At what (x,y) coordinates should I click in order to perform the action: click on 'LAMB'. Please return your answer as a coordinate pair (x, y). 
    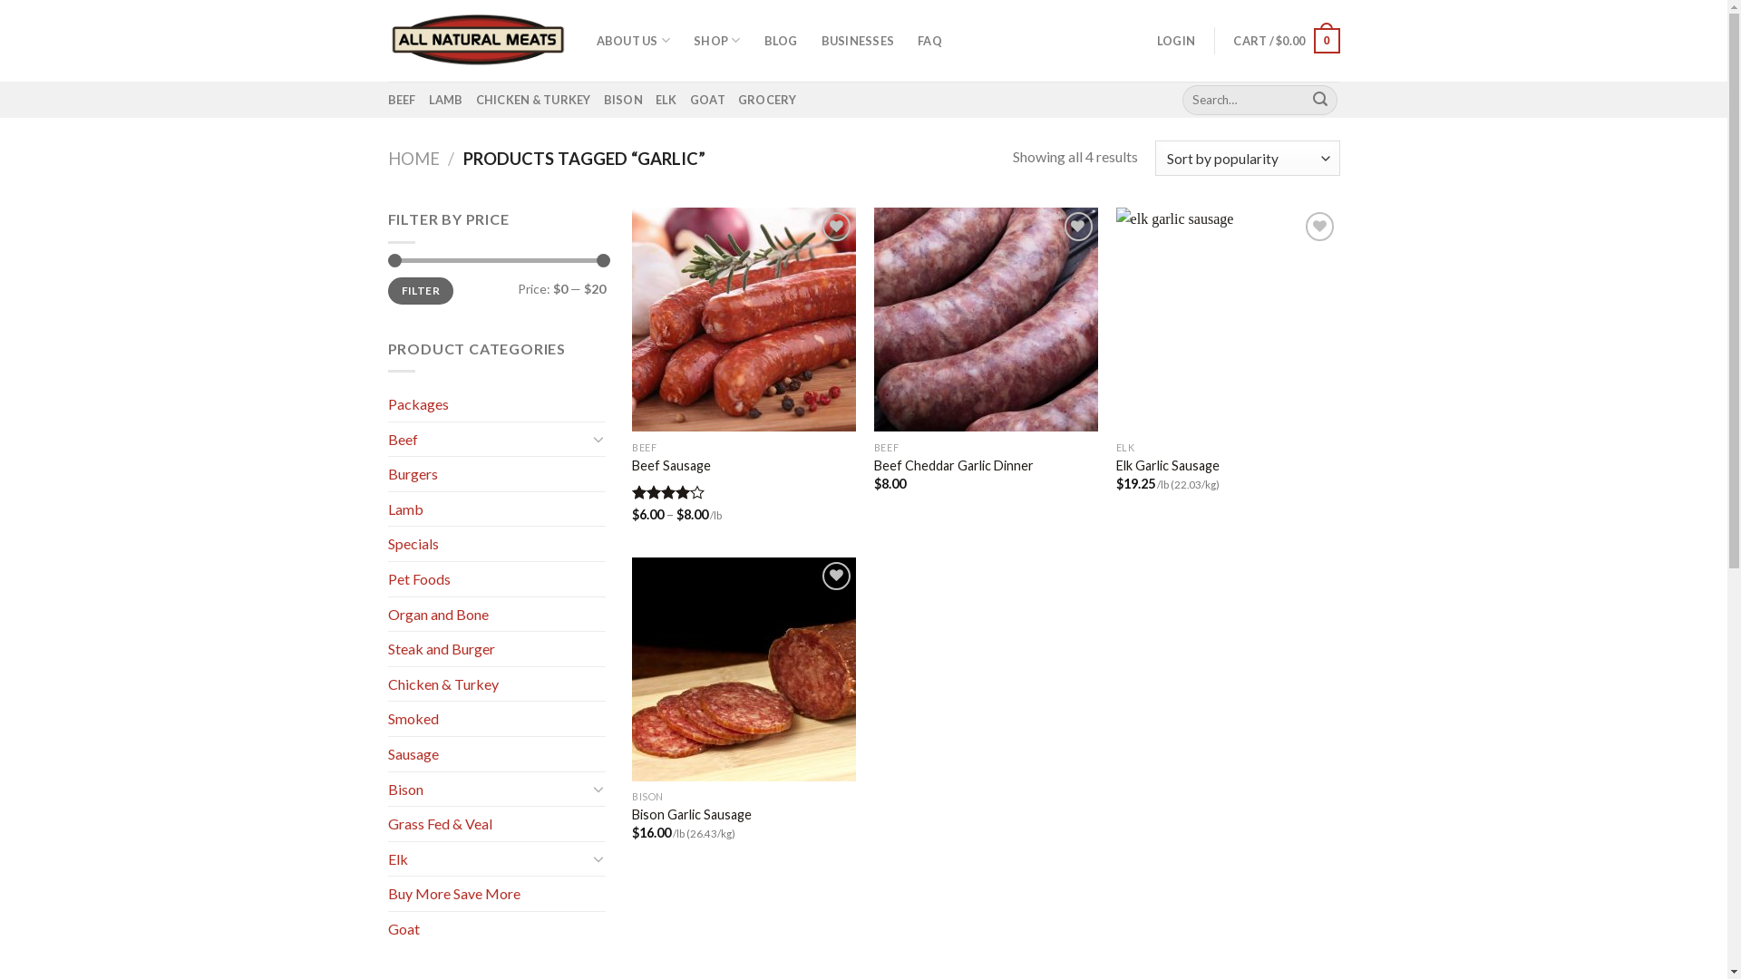
    Looking at the image, I should click on (446, 100).